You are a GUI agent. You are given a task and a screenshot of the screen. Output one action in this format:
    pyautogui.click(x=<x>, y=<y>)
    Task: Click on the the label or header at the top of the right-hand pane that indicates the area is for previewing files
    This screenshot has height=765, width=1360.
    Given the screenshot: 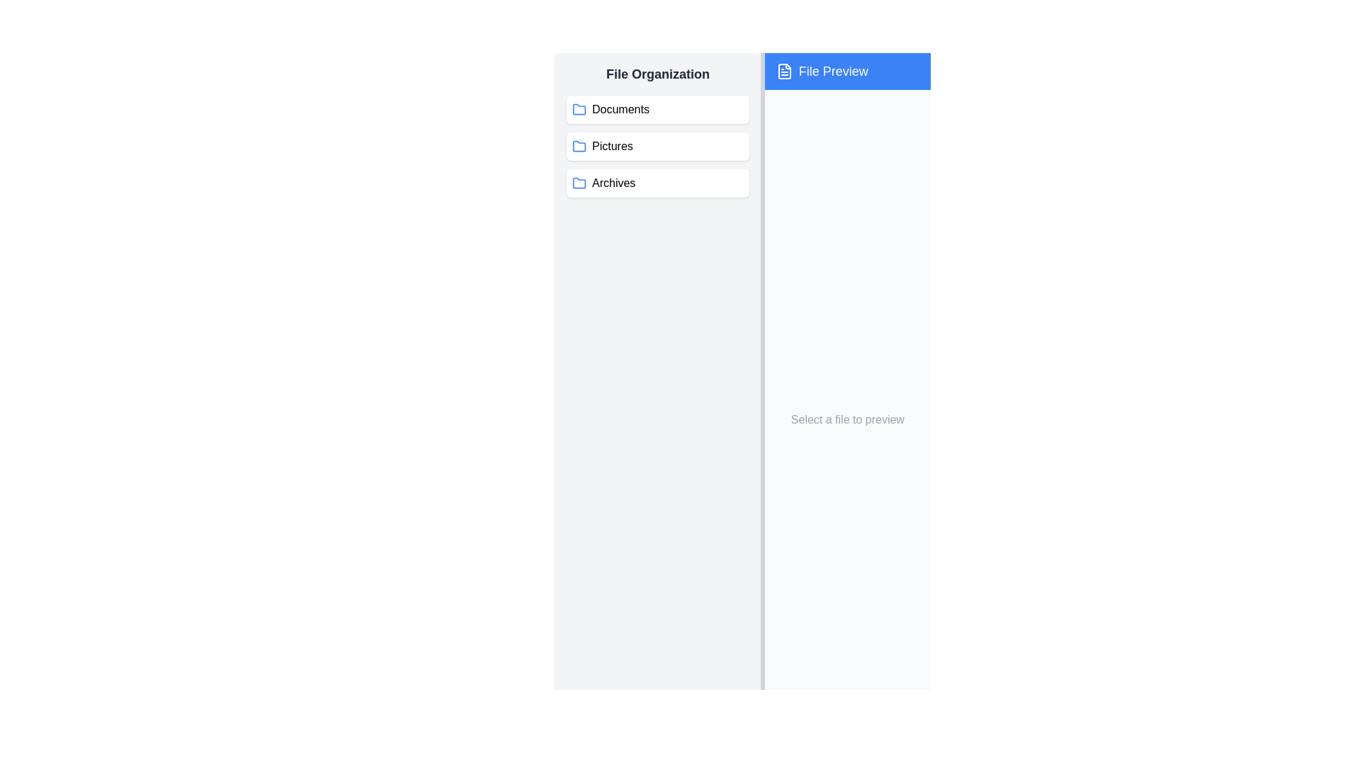 What is the action you would take?
    pyautogui.click(x=847, y=71)
    